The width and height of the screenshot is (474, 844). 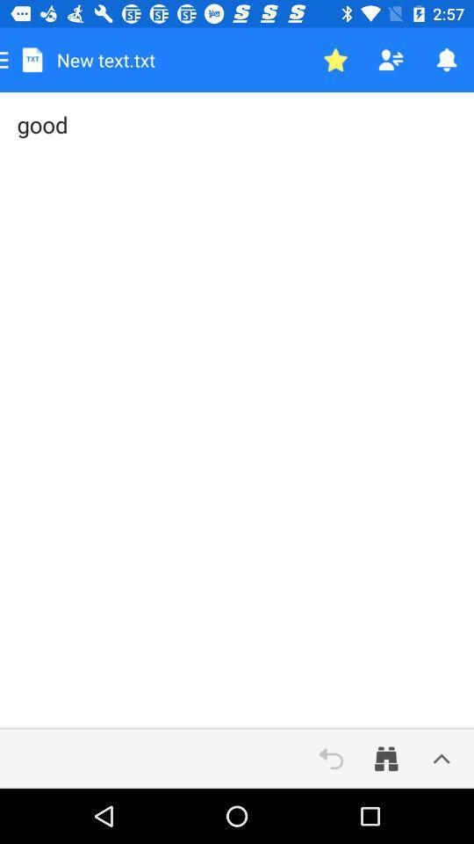 What do you see at coordinates (446, 60) in the screenshot?
I see `the item above the good` at bounding box center [446, 60].